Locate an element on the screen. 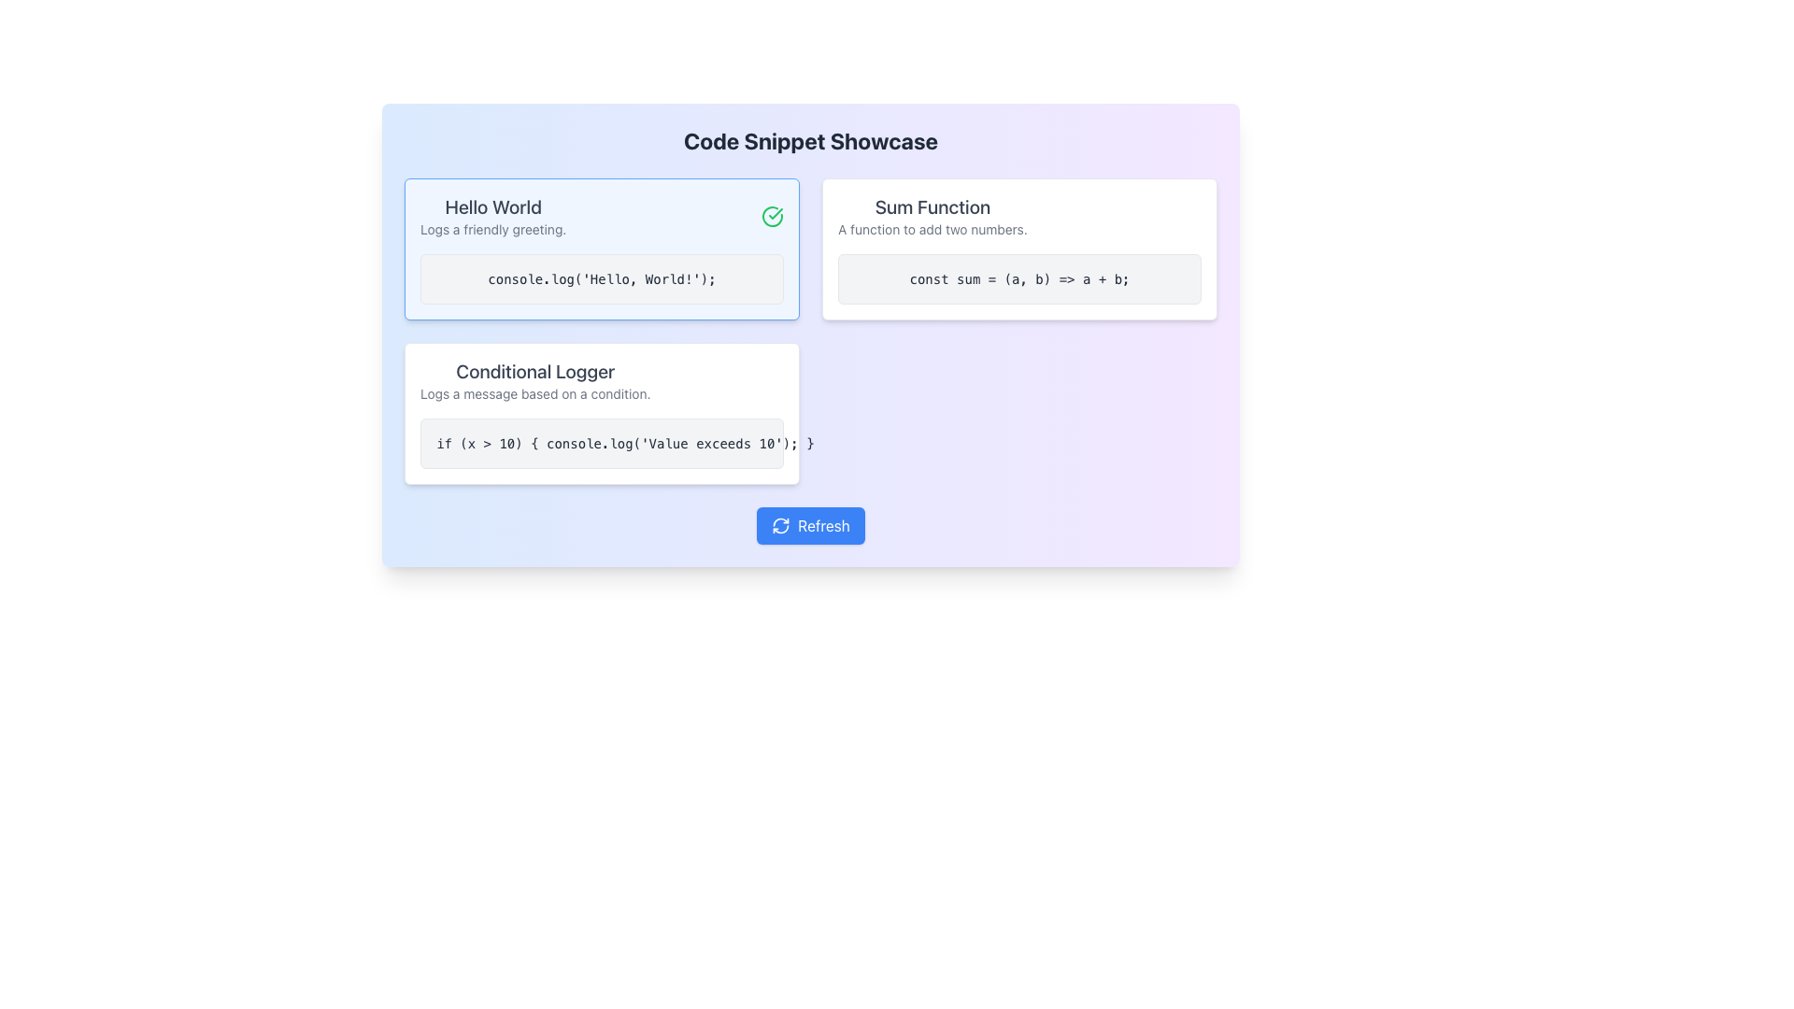 This screenshot has width=1794, height=1009. the Informational Card that presents a title, description, and a code snippet, located at the top-left corner of the grid layout is located at coordinates (602, 248).